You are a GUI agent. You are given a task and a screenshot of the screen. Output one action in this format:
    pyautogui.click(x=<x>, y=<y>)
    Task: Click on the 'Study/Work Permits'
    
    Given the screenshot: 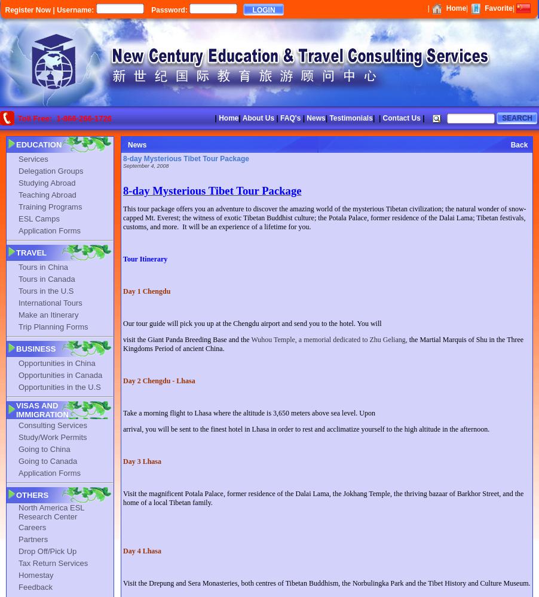 What is the action you would take?
    pyautogui.click(x=53, y=436)
    